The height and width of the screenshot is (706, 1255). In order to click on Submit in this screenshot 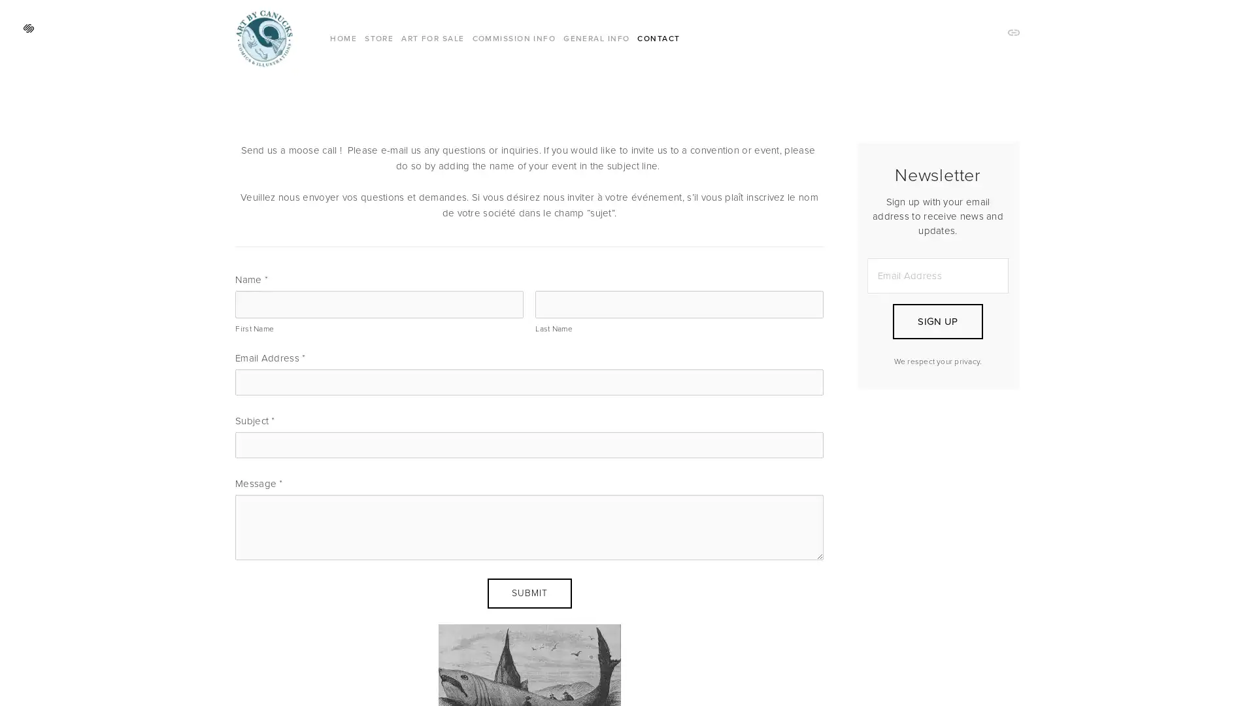, I will do `click(529, 593)`.